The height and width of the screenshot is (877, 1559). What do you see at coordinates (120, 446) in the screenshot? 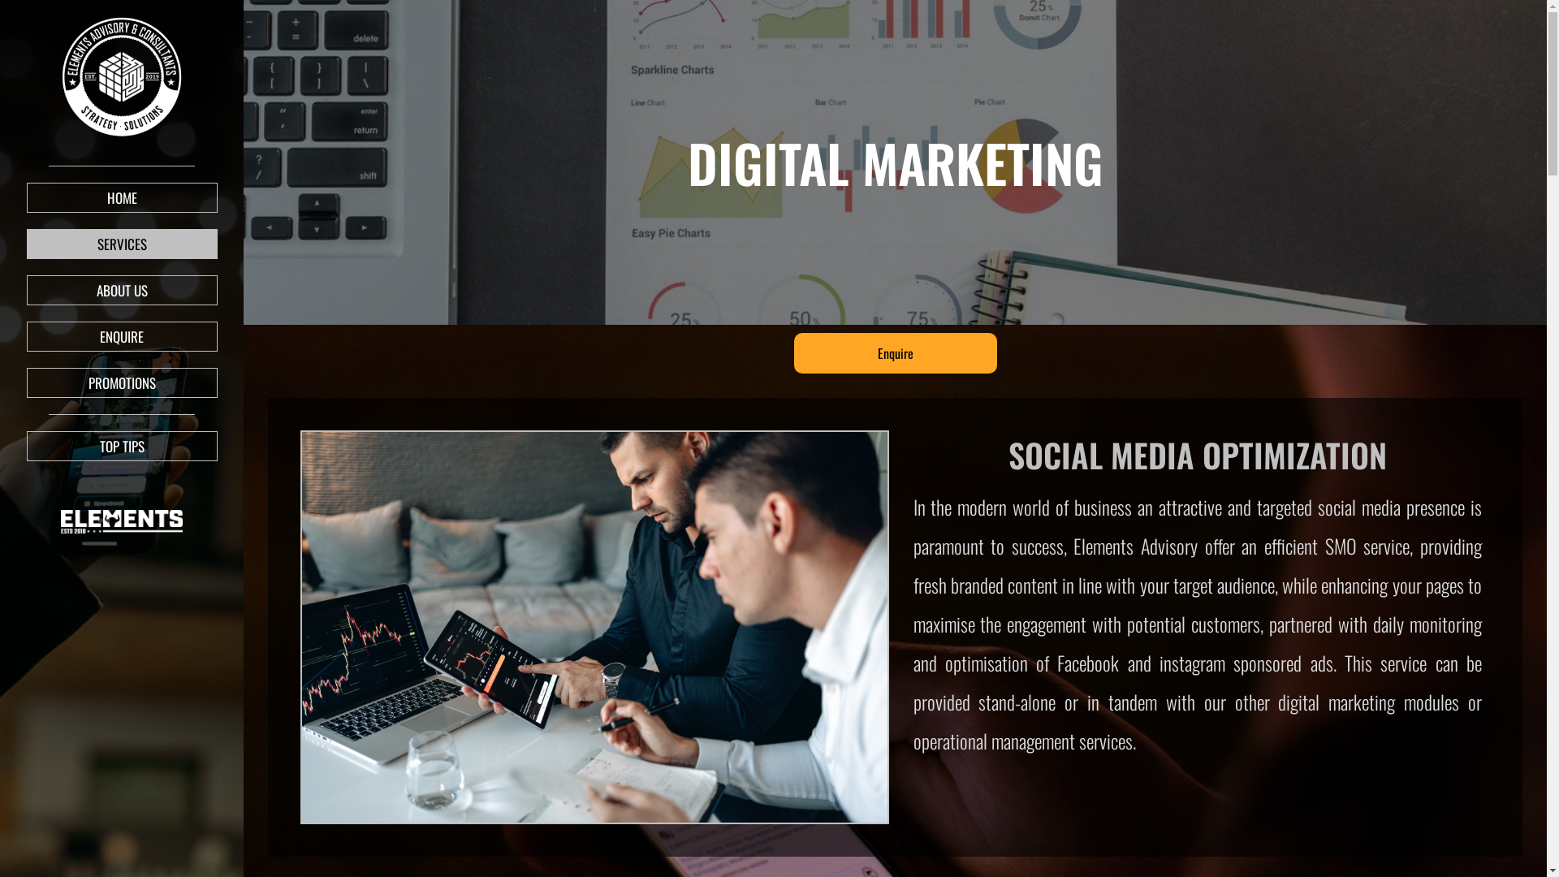
I see `'TOP TIPS'` at bounding box center [120, 446].